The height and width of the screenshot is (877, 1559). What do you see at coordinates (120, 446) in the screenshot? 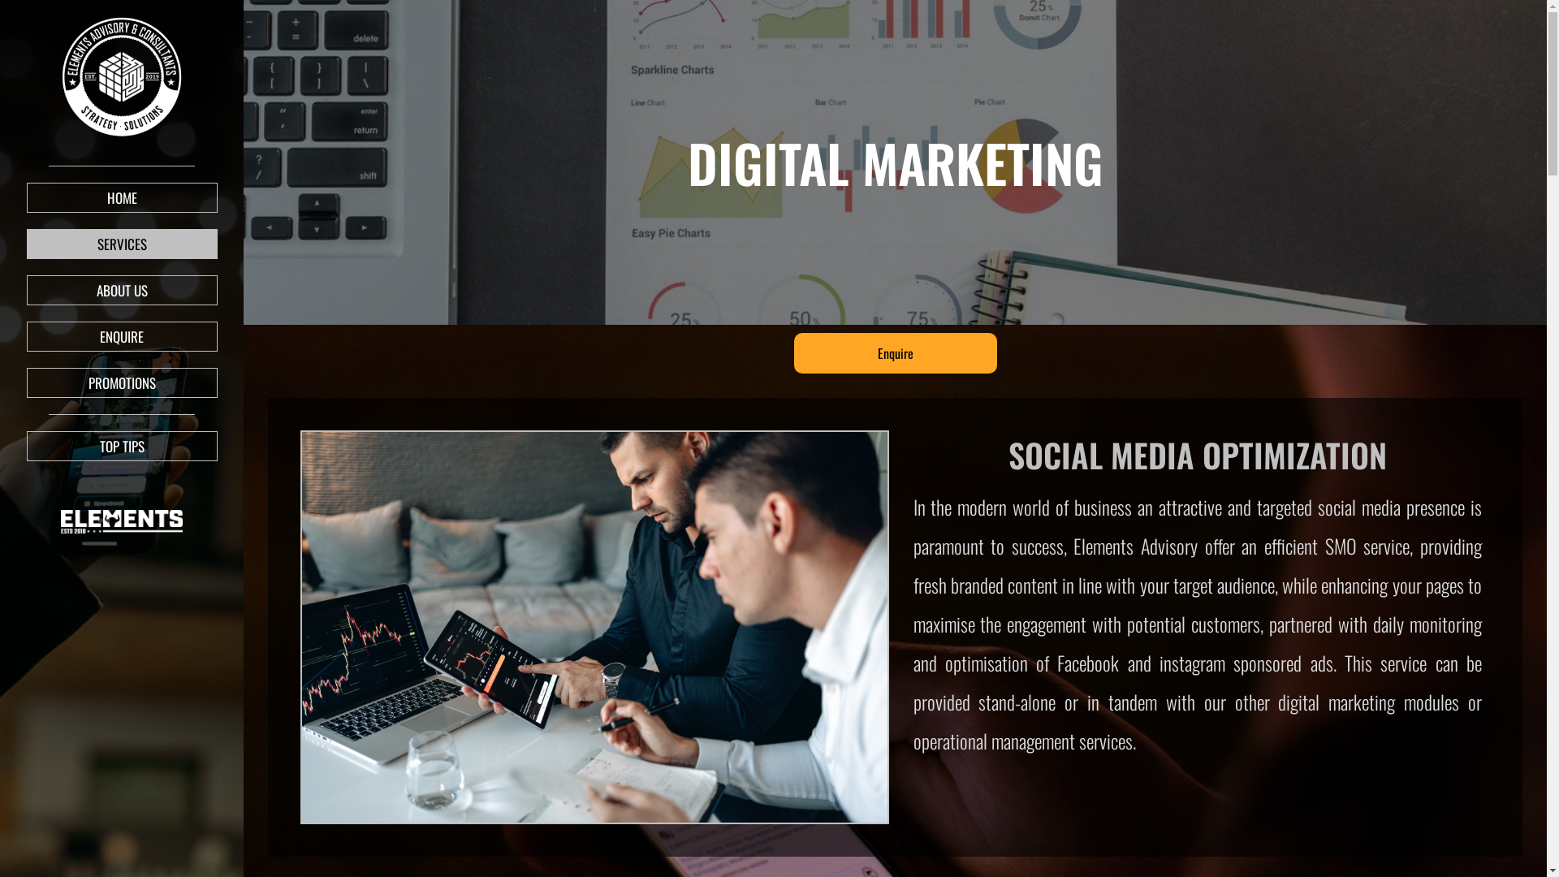
I see `'TOP TIPS'` at bounding box center [120, 446].